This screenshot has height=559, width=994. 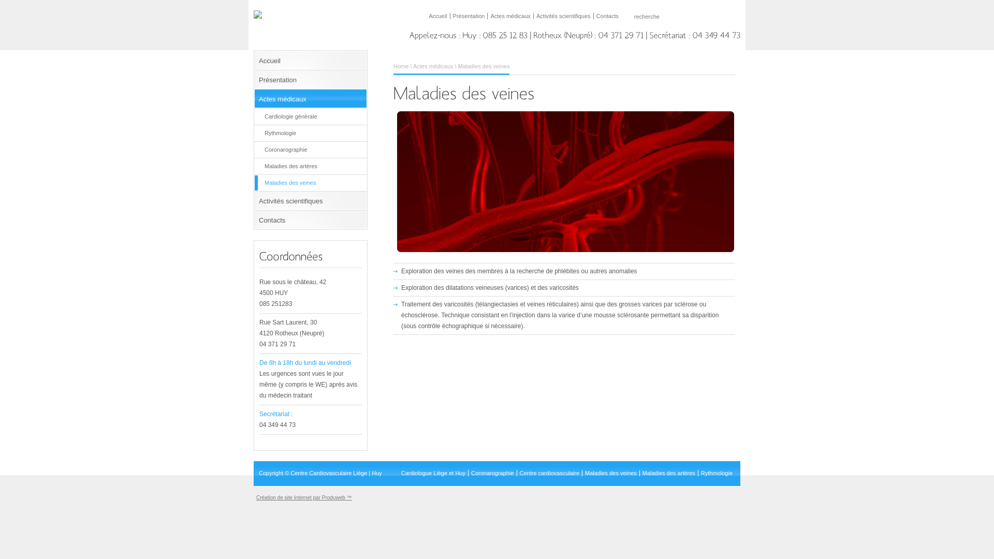 I want to click on 'Contacts', so click(x=253, y=219).